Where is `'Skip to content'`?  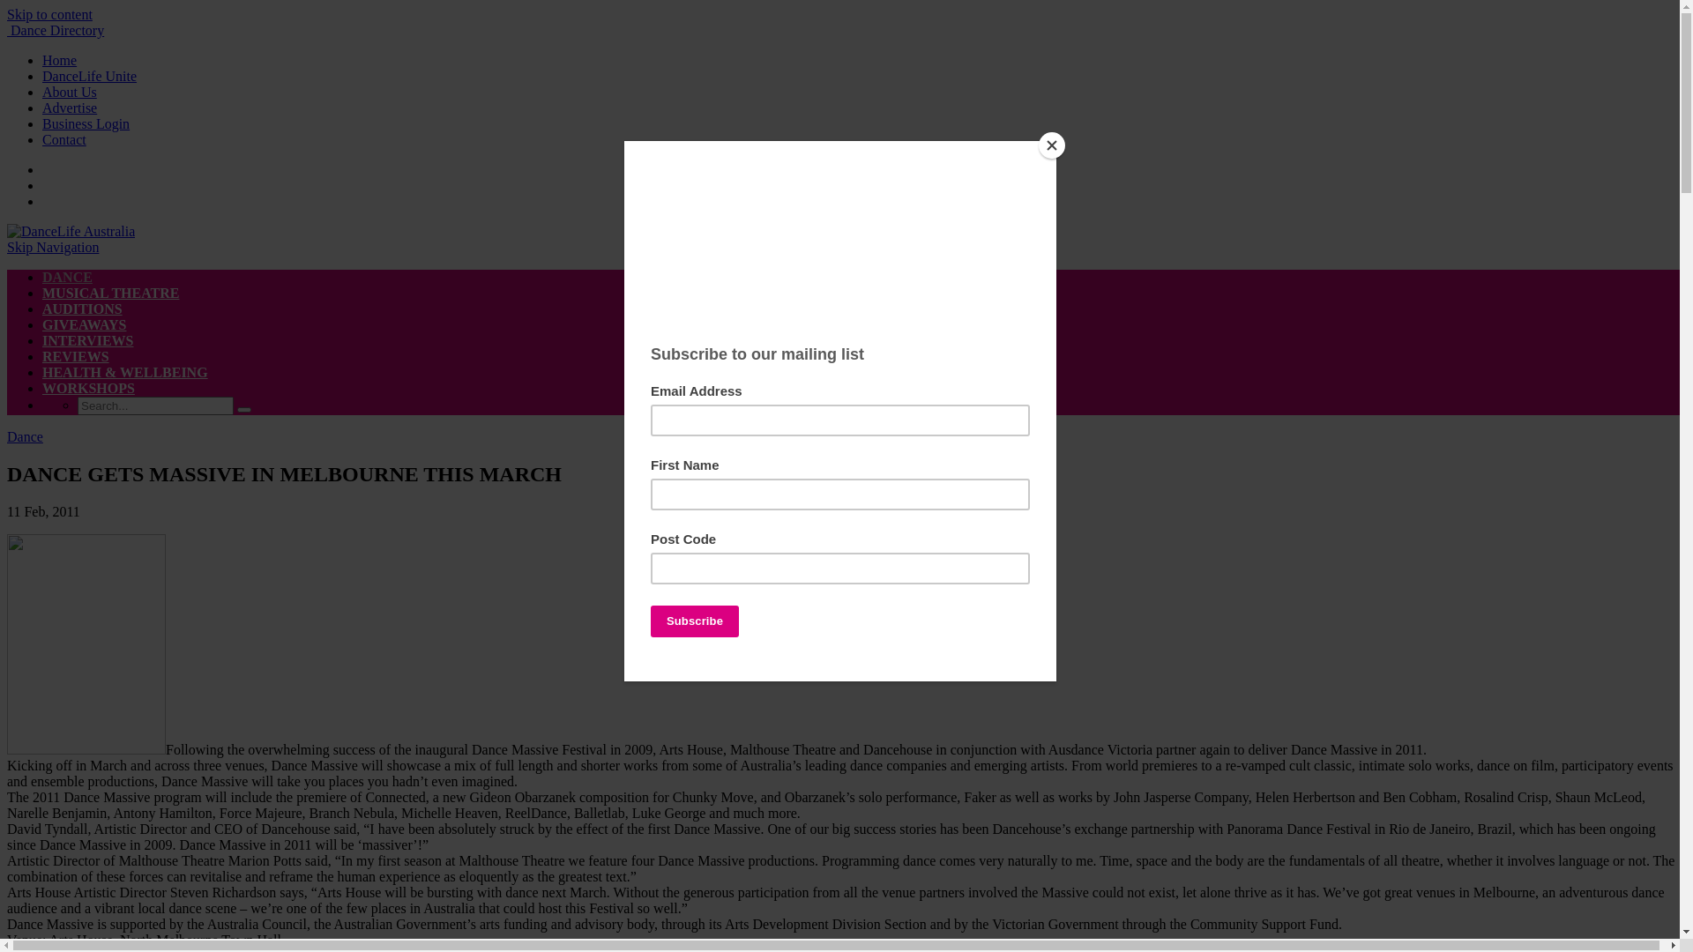
'Skip to content' is located at coordinates (49, 14).